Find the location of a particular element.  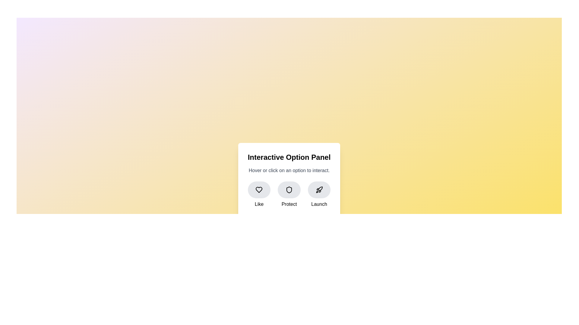

the 'Like' icon button, which is the first element from the left in the row of three options (Like, Protect, Launch) located at the center of the interactive panel is located at coordinates (259, 190).